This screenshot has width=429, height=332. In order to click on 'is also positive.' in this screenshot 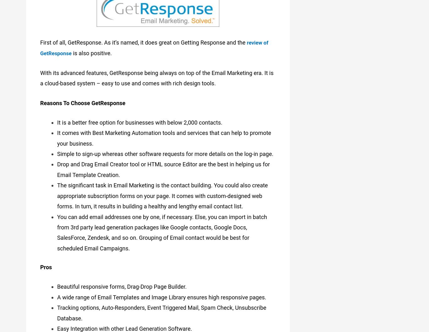, I will do `click(95, 52)`.